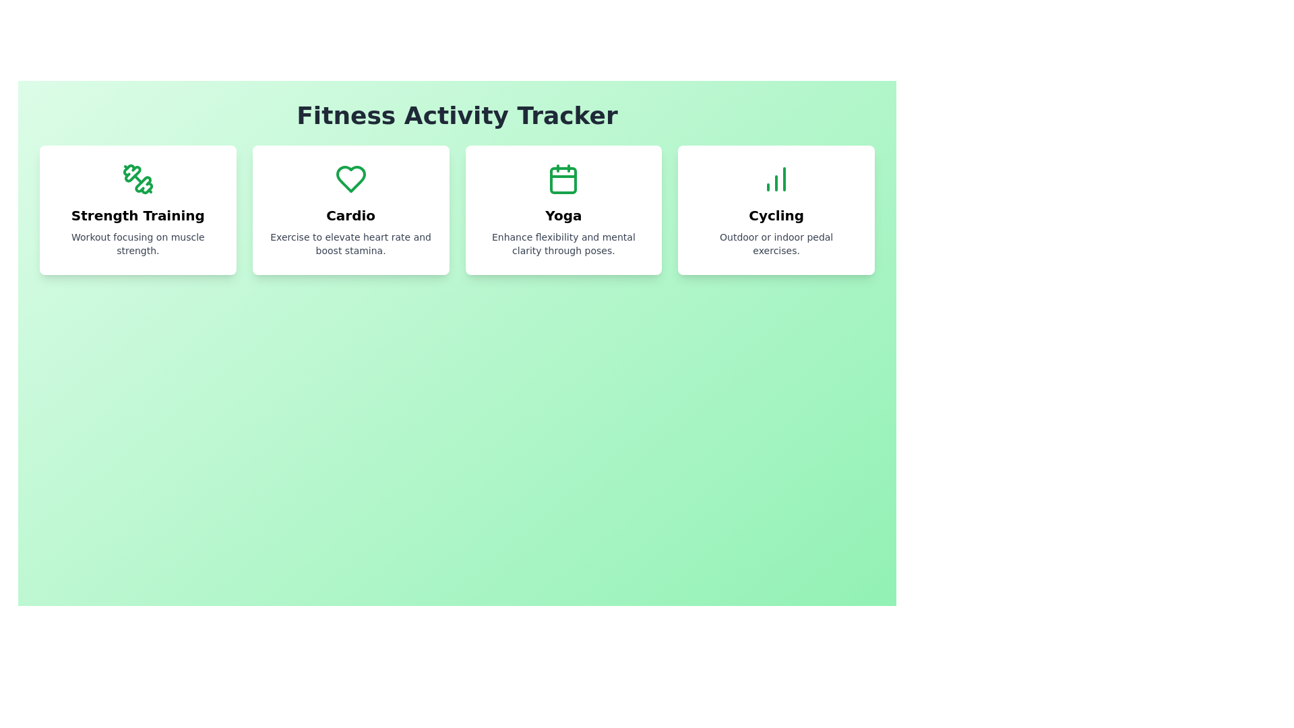 This screenshot has width=1294, height=728. What do you see at coordinates (137, 215) in the screenshot?
I see `static text label indicating the purpose of the card related to strength training, which is centered within a white rectangular card with rounded corners and a shadow effect` at bounding box center [137, 215].